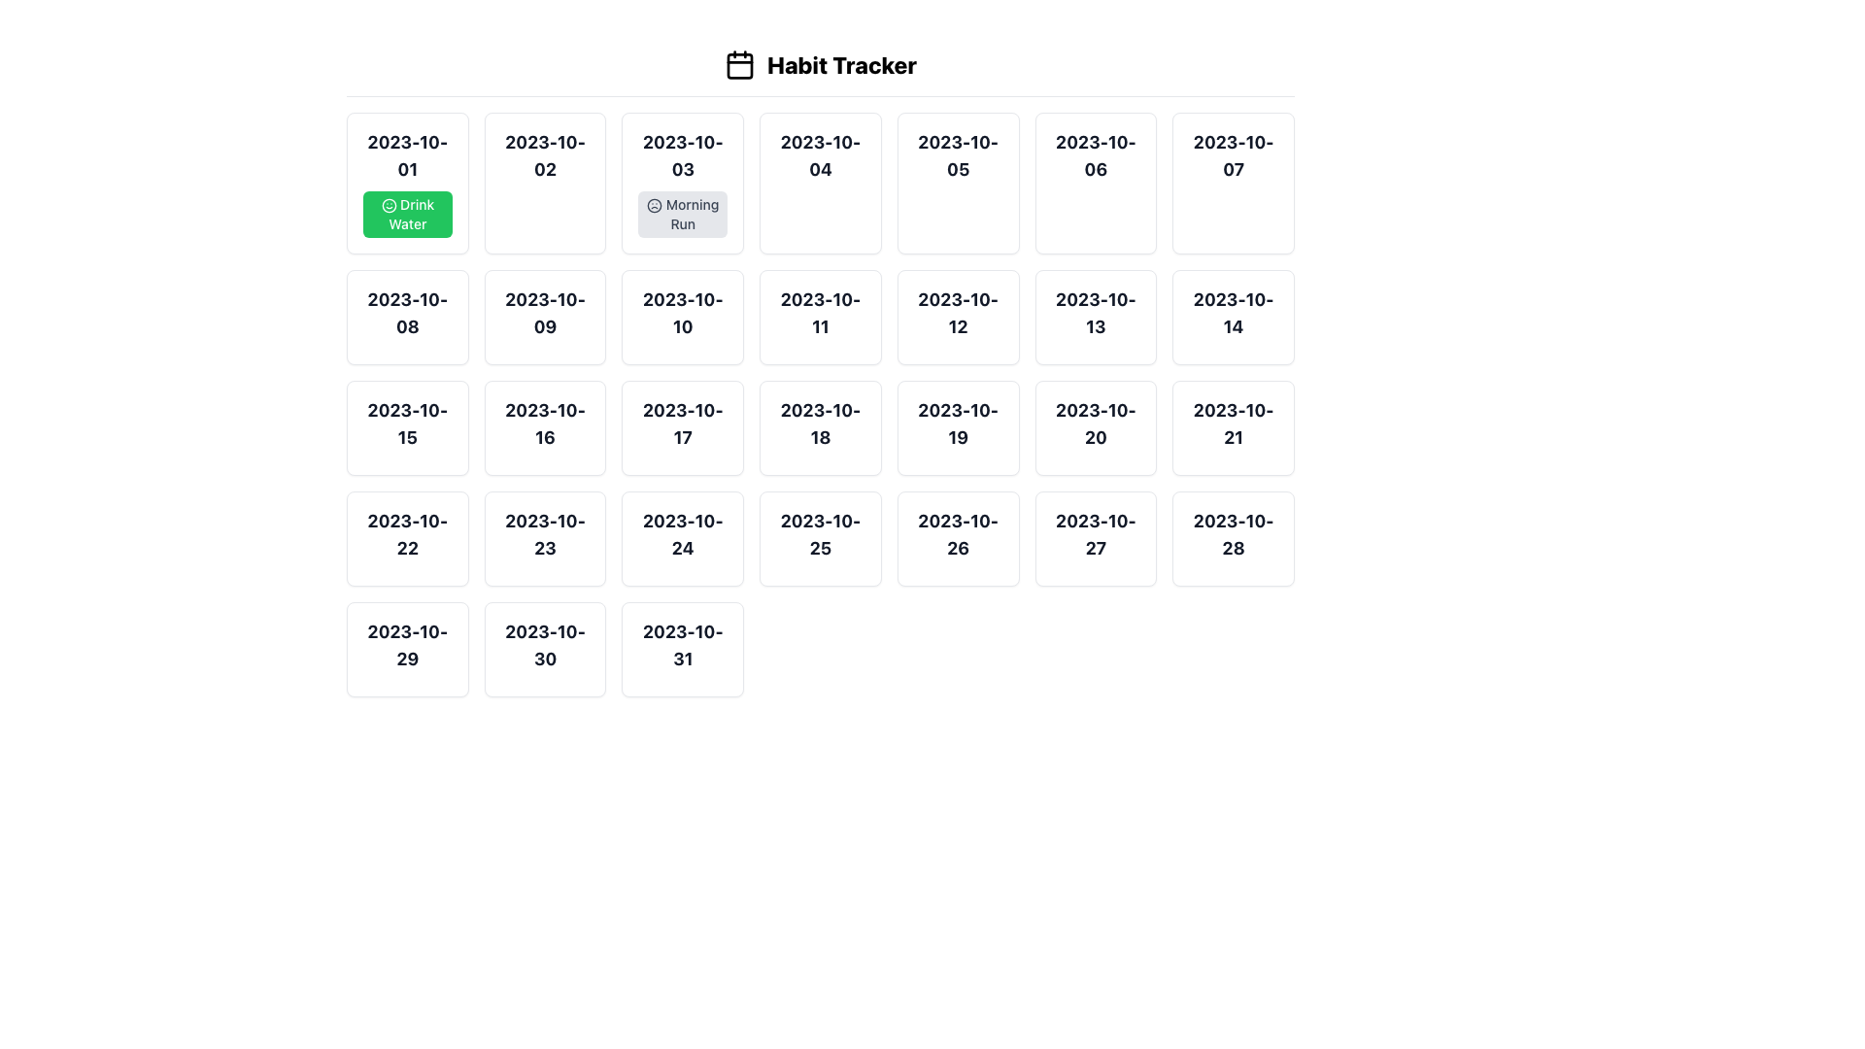  I want to click on the static text element displaying the date '2023-10-08', which is located in the second row and the first column of the date grid, so click(406, 313).